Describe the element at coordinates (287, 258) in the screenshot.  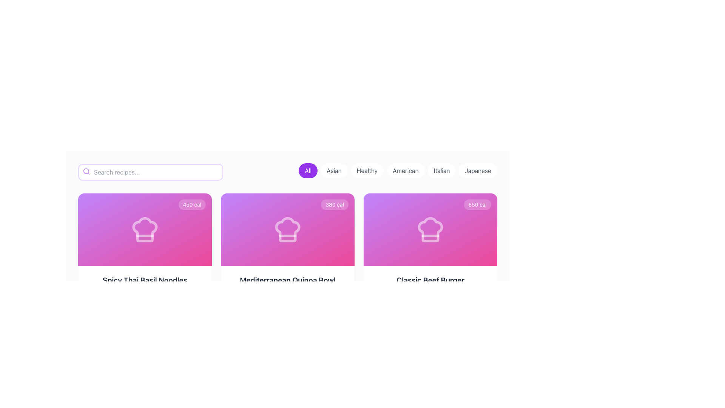
I see `the recipe card titled 'Mediterranean Quinoa Bowl' which is located in the second position of a horizontal grid of recipe cards` at that location.